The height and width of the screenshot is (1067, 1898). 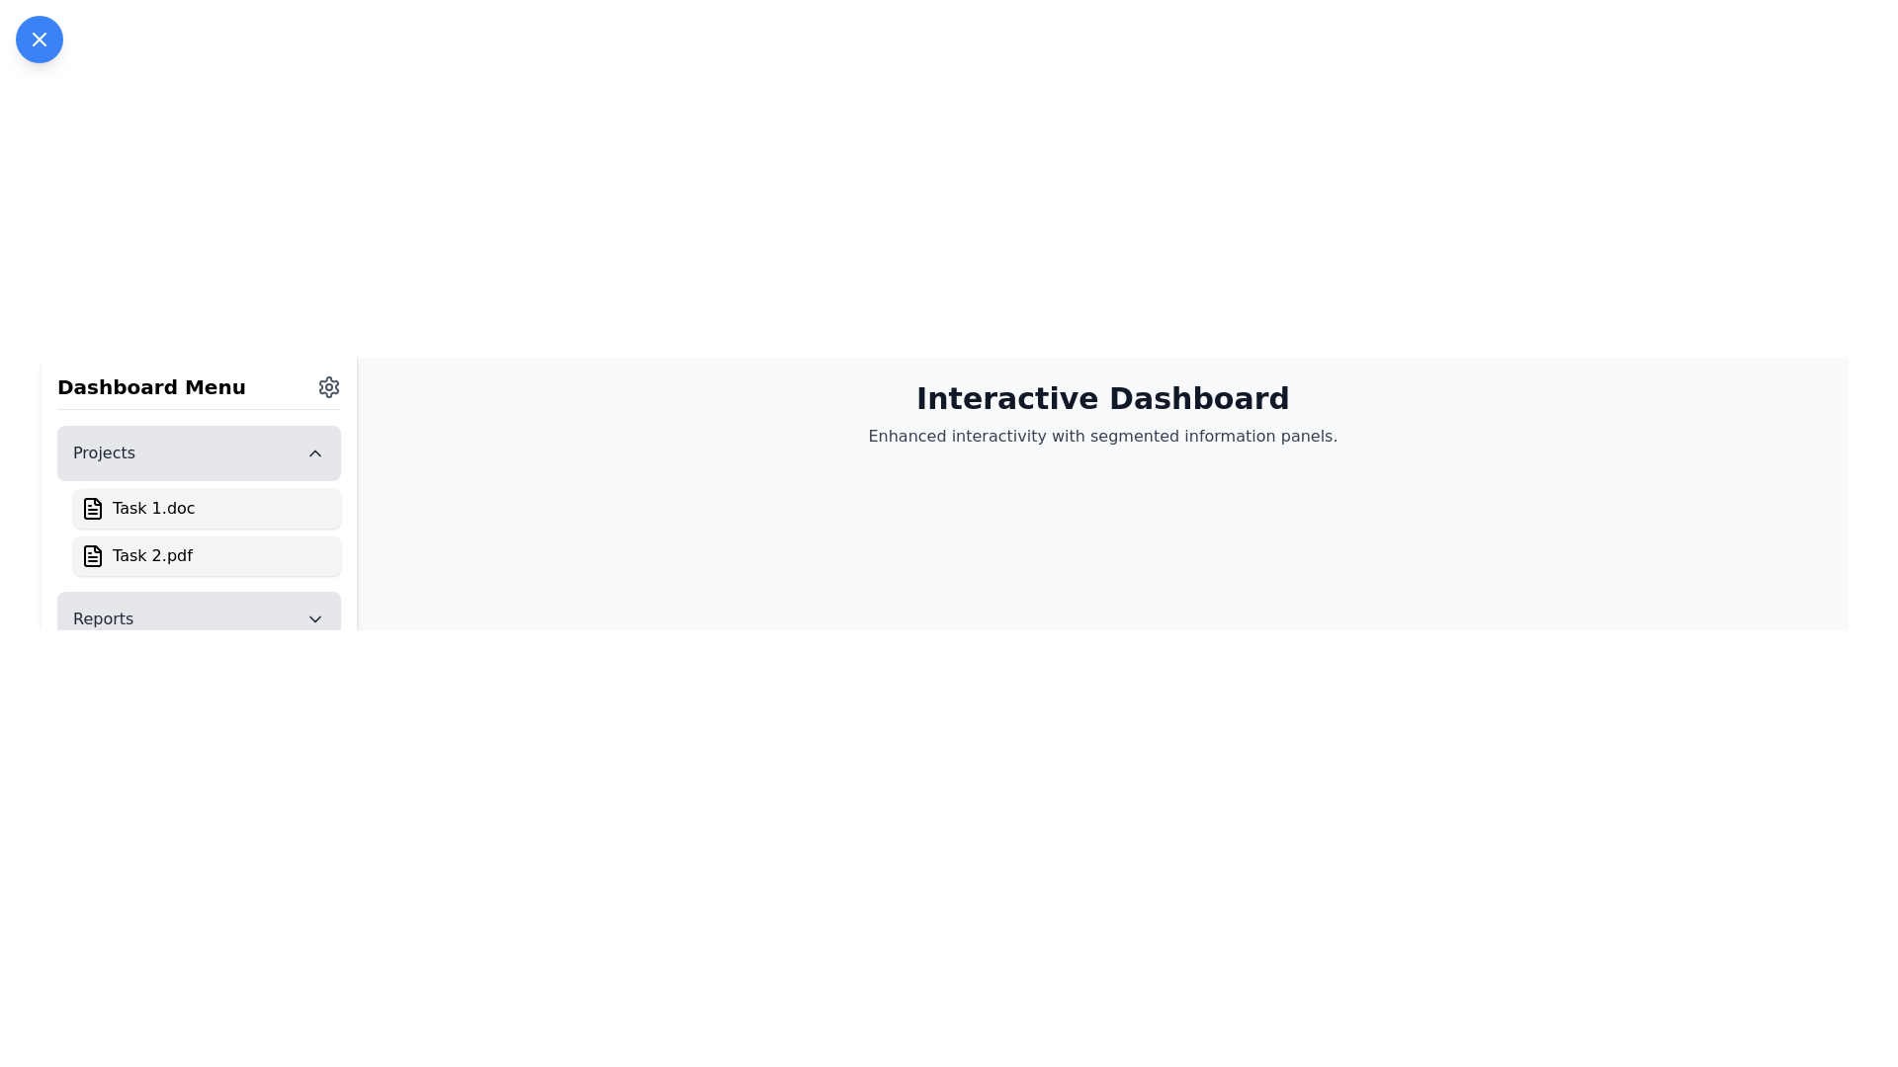 I want to click on the 'Task 2.pdf' file entry located, so click(x=207, y=556).